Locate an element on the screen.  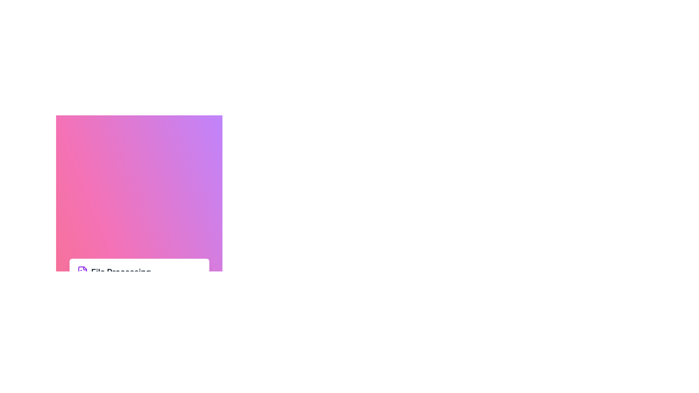
the SVG document icon, which has a folded corner and is purple in color, located above the label 'File Processing' is located at coordinates (82, 272).